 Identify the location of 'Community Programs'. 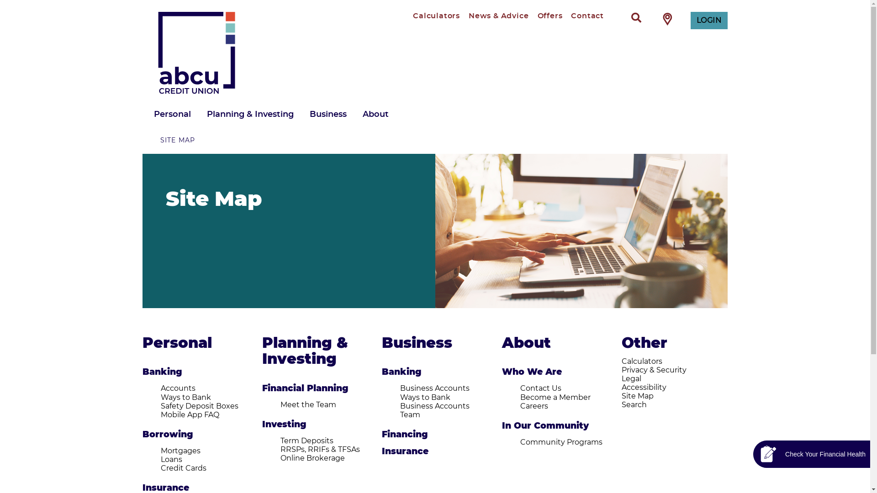
(560, 441).